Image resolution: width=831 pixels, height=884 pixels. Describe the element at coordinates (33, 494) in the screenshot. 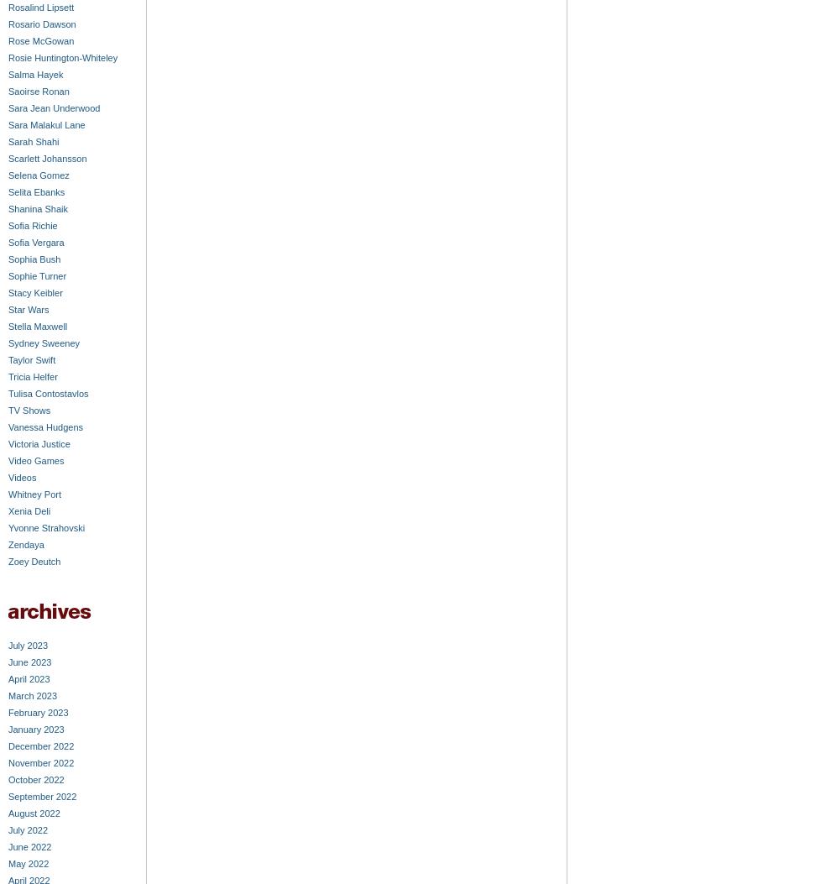

I see `'Whitney Port'` at that location.